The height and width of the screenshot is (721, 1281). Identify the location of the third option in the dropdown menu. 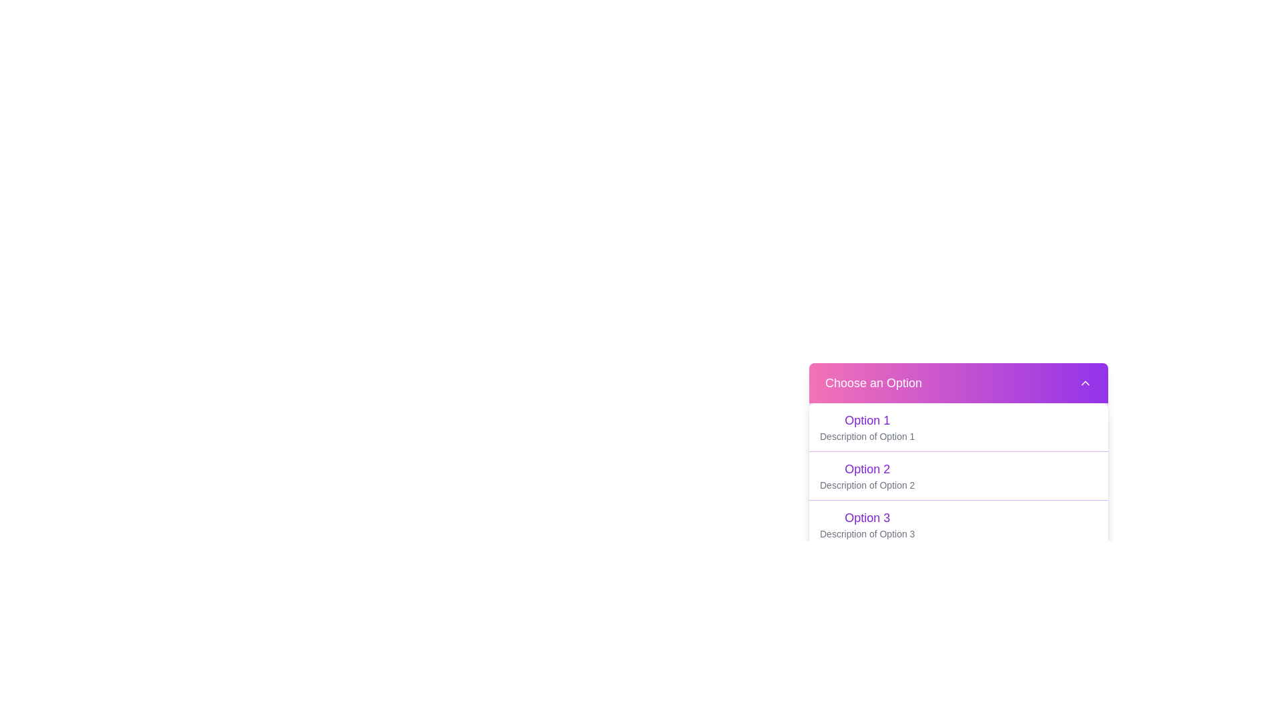
(867, 524).